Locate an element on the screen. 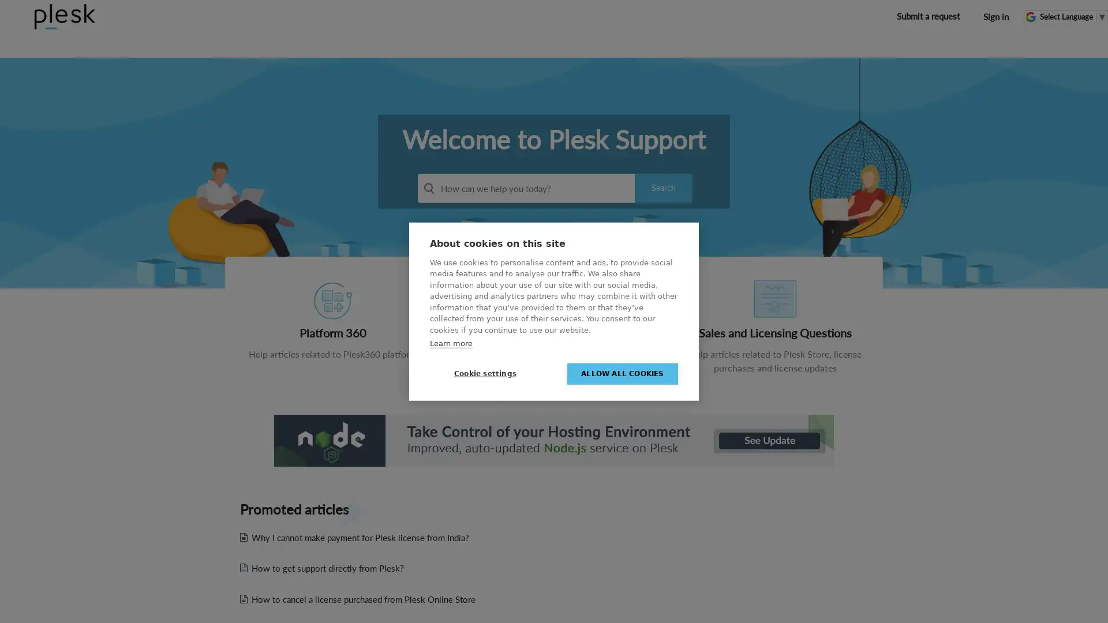 The width and height of the screenshot is (1108, 623). Search is located at coordinates (664, 187).